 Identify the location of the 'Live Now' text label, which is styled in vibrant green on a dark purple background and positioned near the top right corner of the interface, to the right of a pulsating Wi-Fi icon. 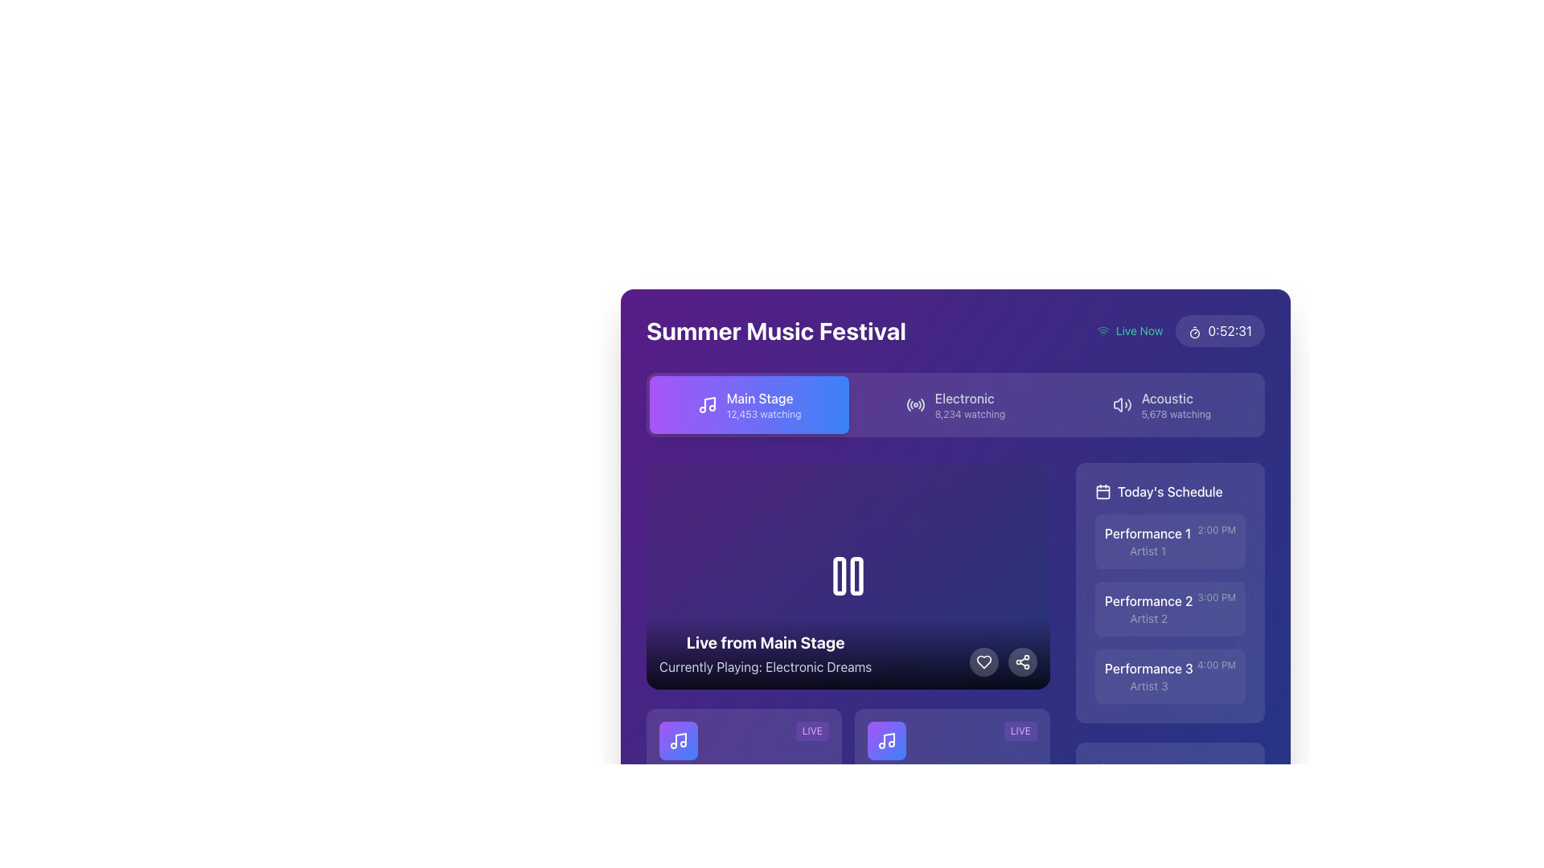
(1138, 330).